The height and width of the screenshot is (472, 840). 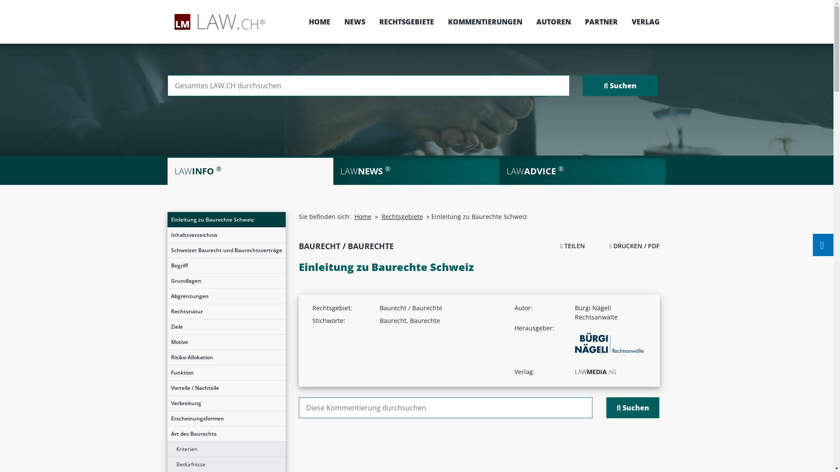 I want to click on 'Funktion', so click(x=226, y=372).